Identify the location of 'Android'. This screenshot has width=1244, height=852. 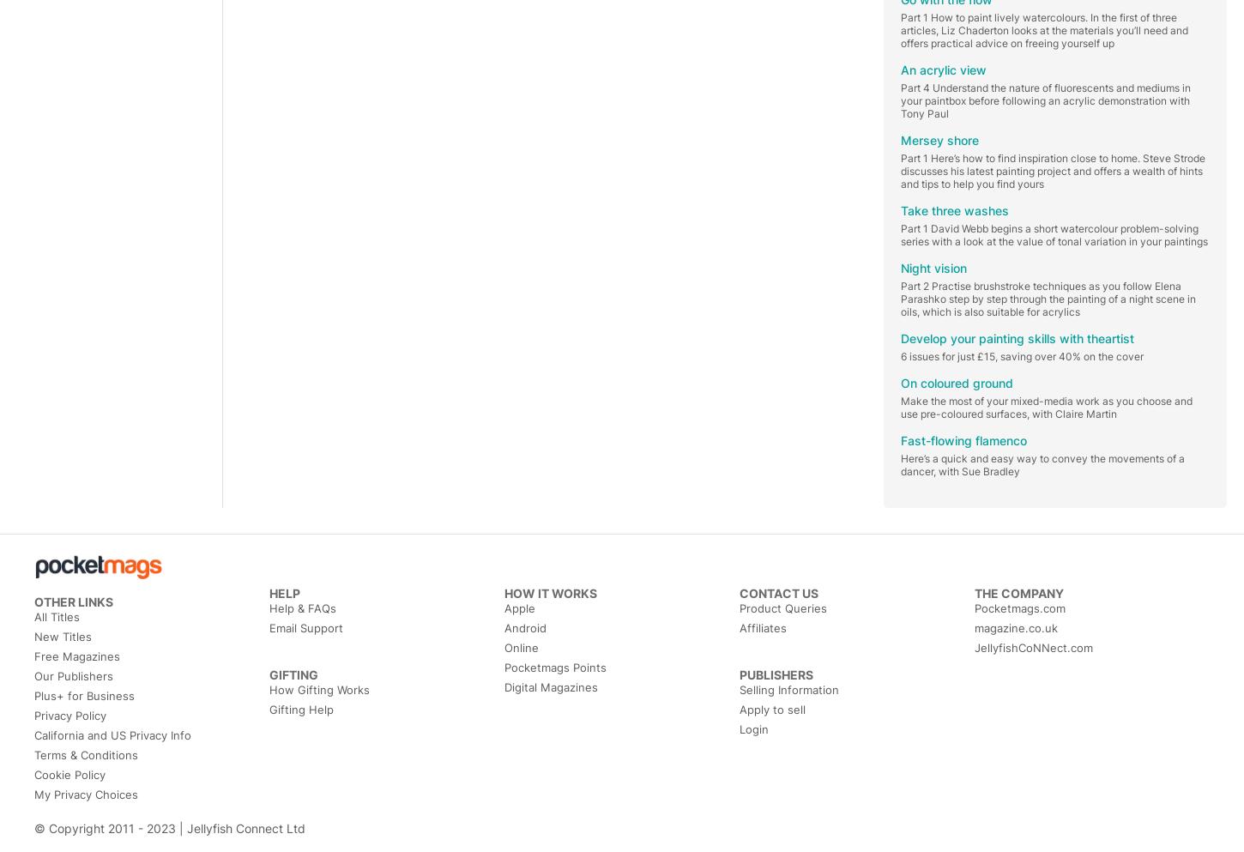
(524, 628).